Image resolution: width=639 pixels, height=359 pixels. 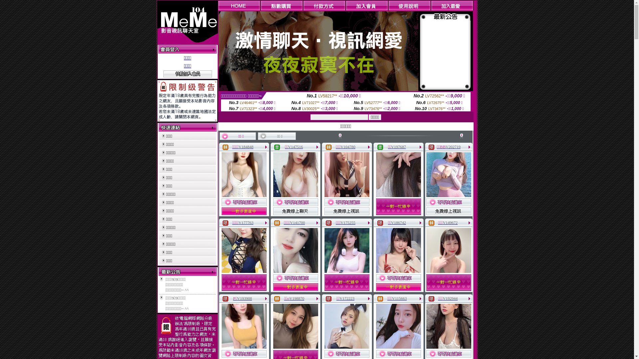 I want to click on 'V193908', so click(x=244, y=298).